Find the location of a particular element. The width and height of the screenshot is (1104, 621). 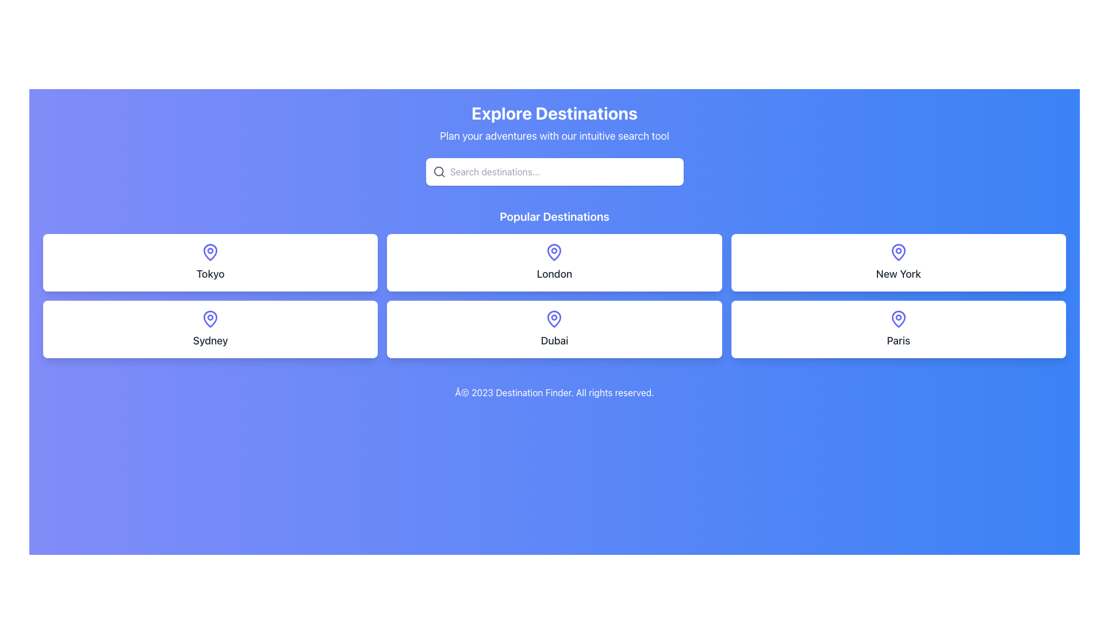

the decorative location pin icon at the top center of the 'Paris' card, which is the last in the bottom row of the grid under 'Popular Destinations' is located at coordinates (898, 319).